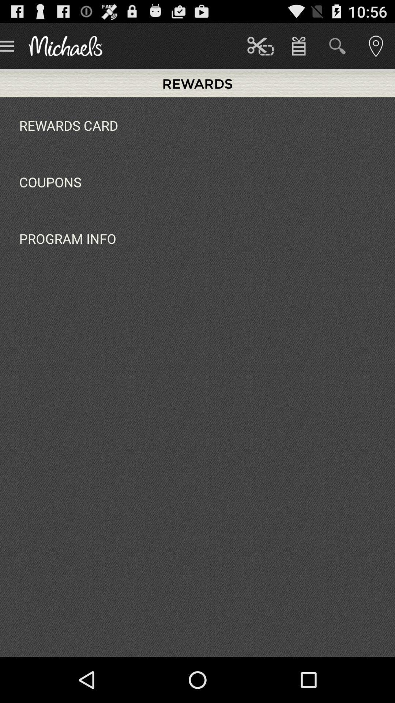 The width and height of the screenshot is (395, 703). Describe the element at coordinates (68, 238) in the screenshot. I see `the item below the coupons icon` at that location.